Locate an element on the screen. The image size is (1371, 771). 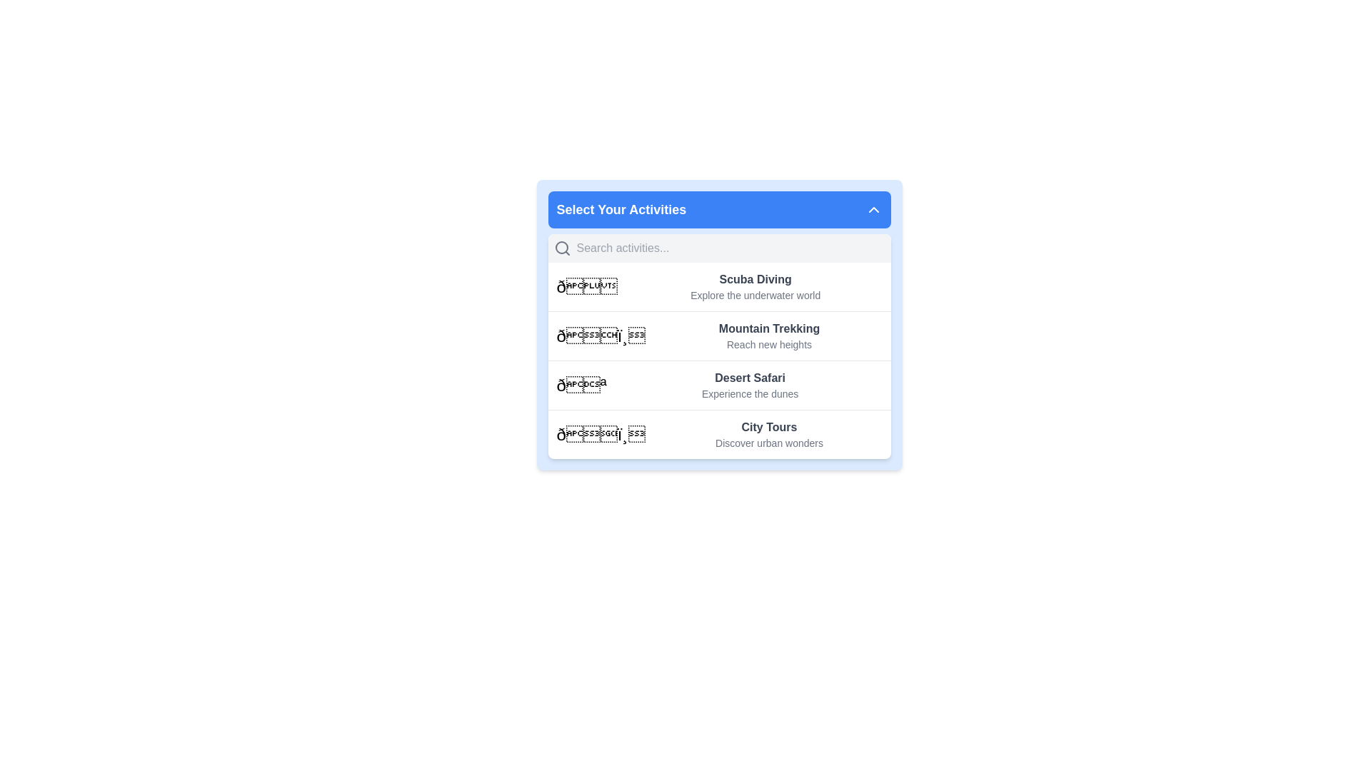
the informational label that provides additional detail about the 'Desert Safari' activity located below the title in the horizontal list of selectable items is located at coordinates (749, 393).